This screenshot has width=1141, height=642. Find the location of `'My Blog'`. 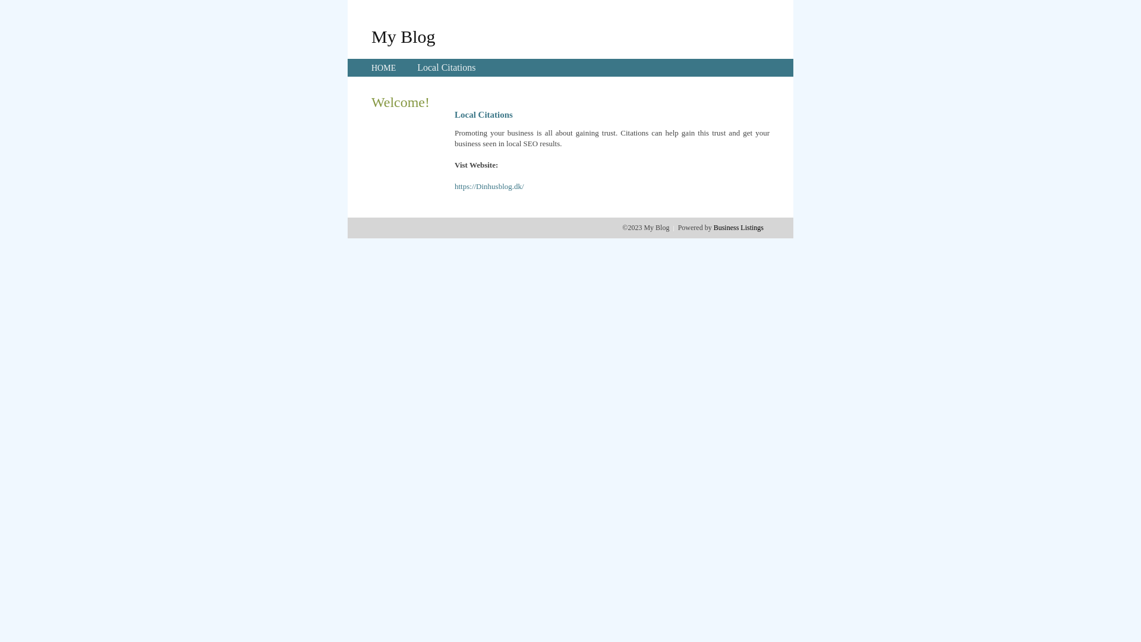

'My Blog' is located at coordinates (370, 36).